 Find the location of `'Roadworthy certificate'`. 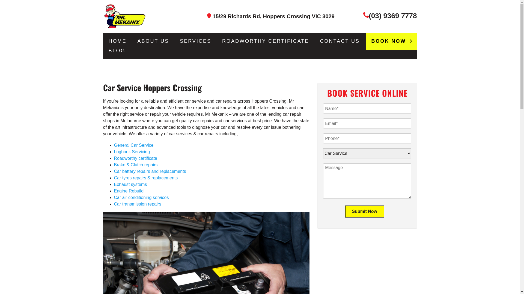

'Roadworthy certificate' is located at coordinates (114, 158).